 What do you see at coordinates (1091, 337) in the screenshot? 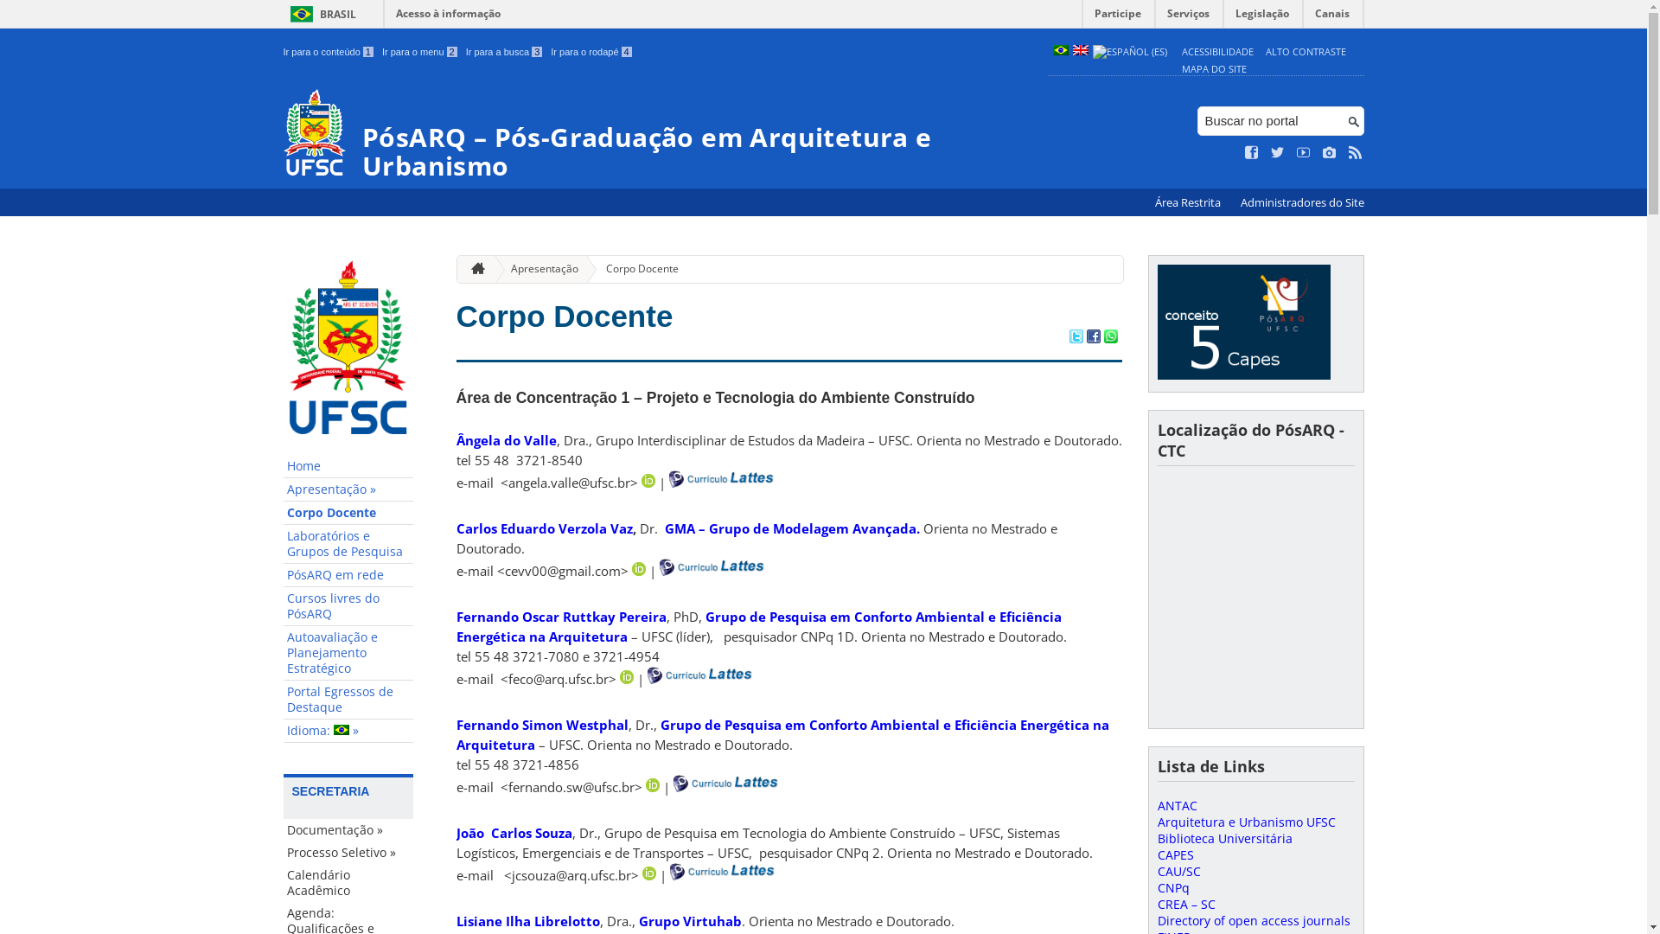
I see `'Compartilhar no Facebook'` at bounding box center [1091, 337].